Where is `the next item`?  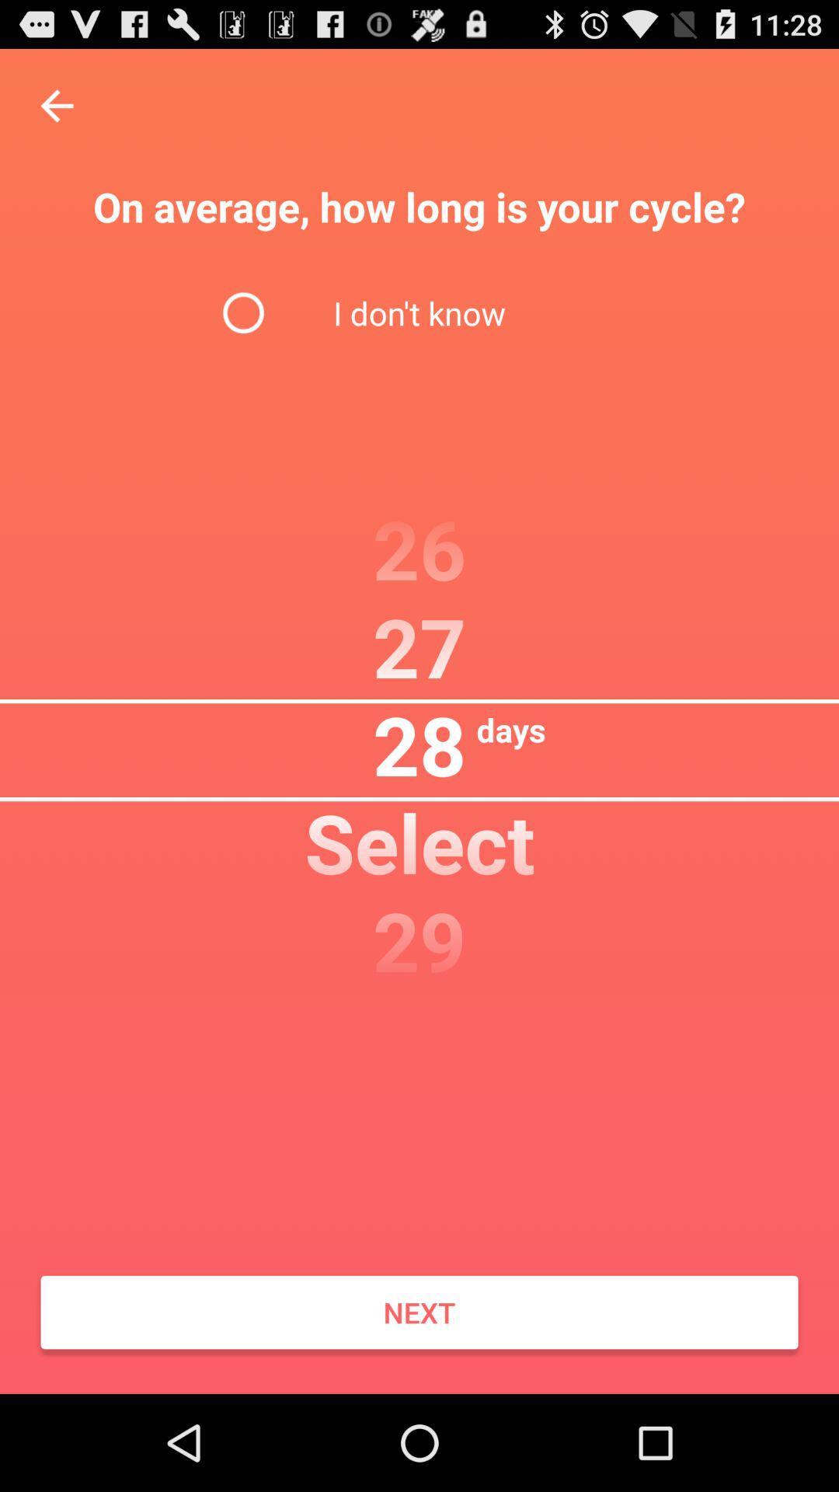 the next item is located at coordinates (419, 1312).